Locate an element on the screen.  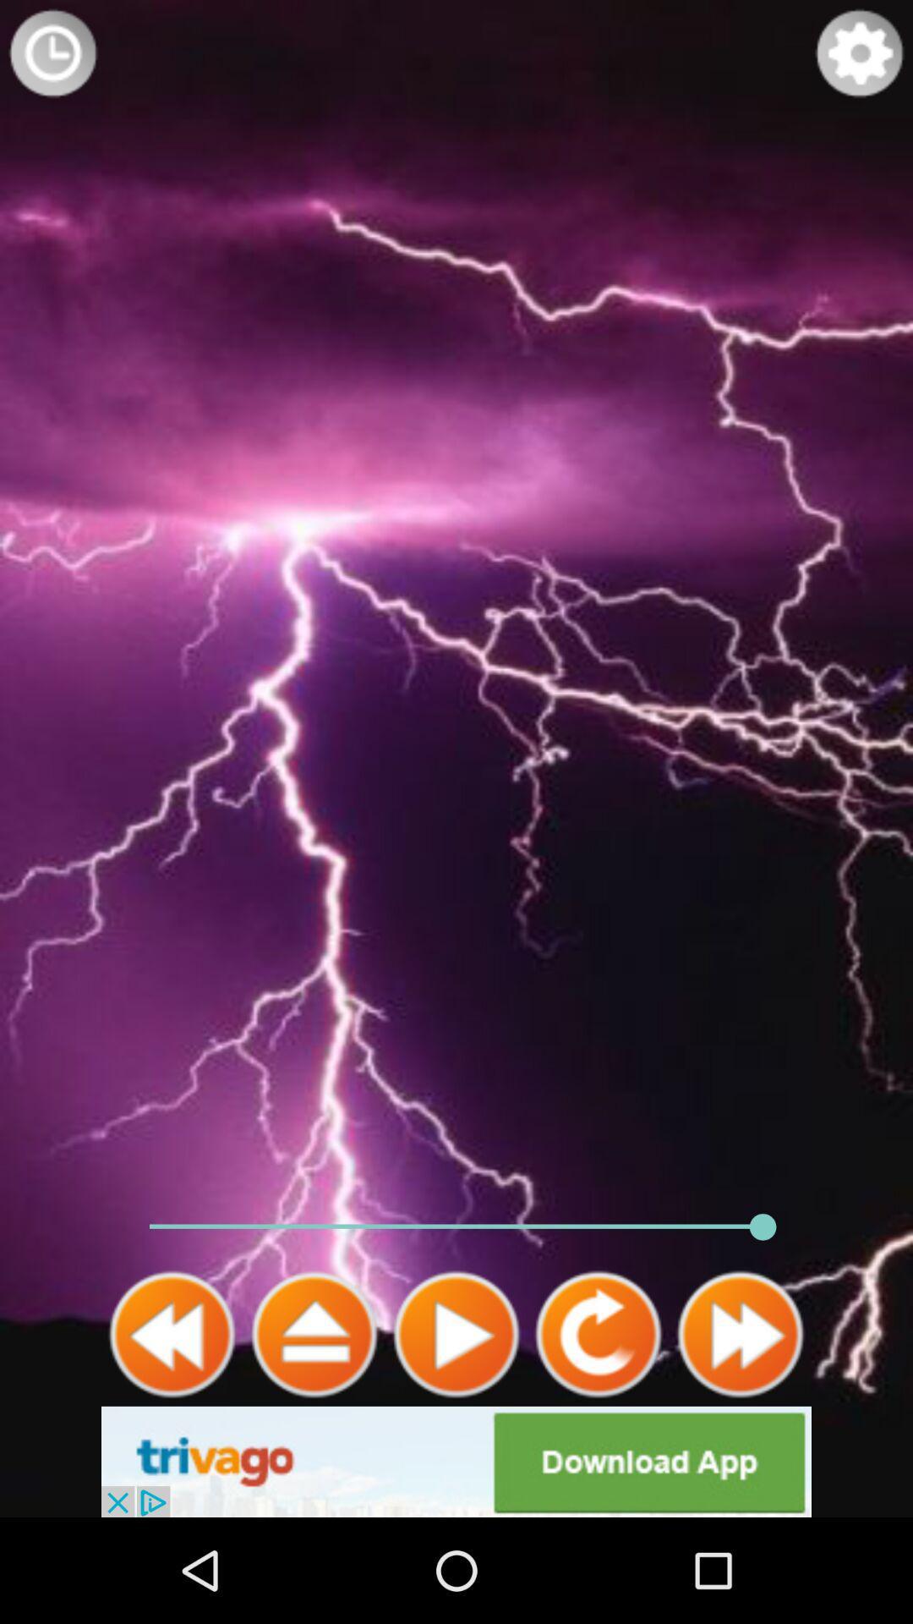
play is located at coordinates (456, 1334).